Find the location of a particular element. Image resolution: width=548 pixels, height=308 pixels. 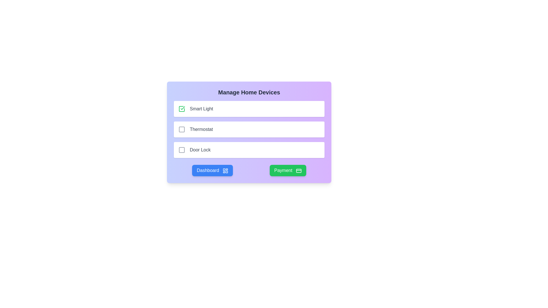

the Decorative Icon located to the right of the 'Dashboard' text within the 'Dashboard' button at the bottom-left of the main panel is located at coordinates (225, 170).